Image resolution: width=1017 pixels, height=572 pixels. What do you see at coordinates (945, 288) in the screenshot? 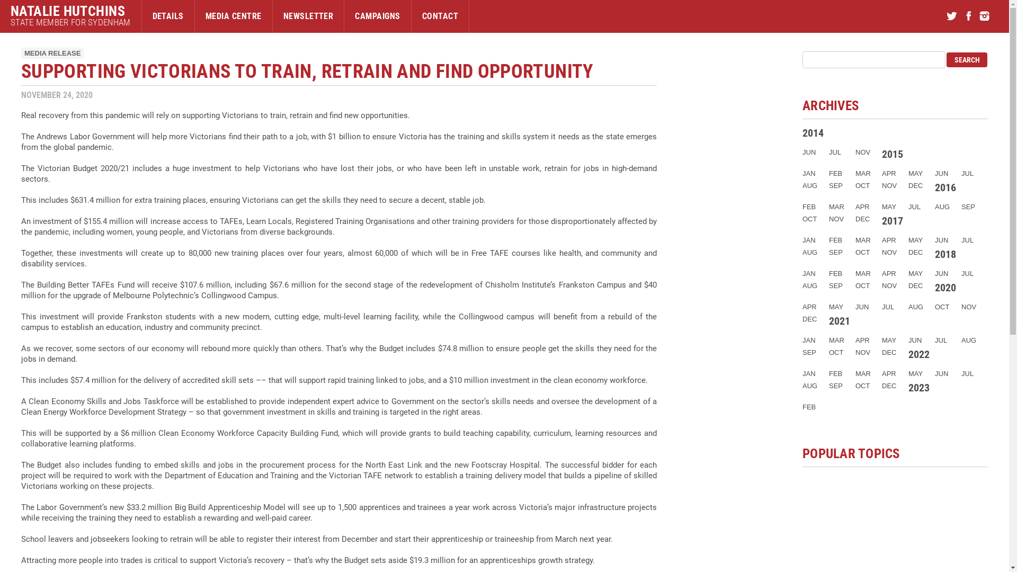
I see `'2020'` at bounding box center [945, 288].